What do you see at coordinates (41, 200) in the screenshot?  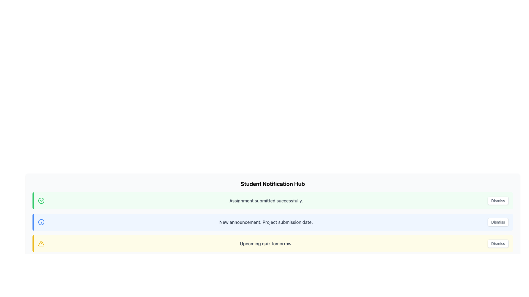 I see `the success icon located at the far-left side of the notification card that indicates 'Assignment submitted successfully.'` at bounding box center [41, 200].